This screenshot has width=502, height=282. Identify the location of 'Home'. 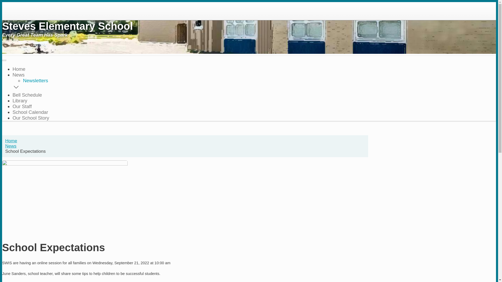
(13, 69).